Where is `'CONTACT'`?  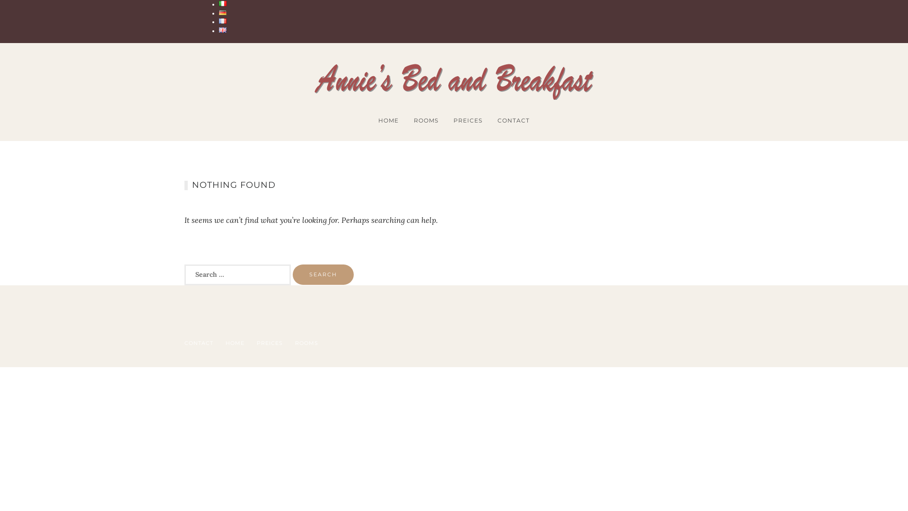
'CONTACT' is located at coordinates (184, 343).